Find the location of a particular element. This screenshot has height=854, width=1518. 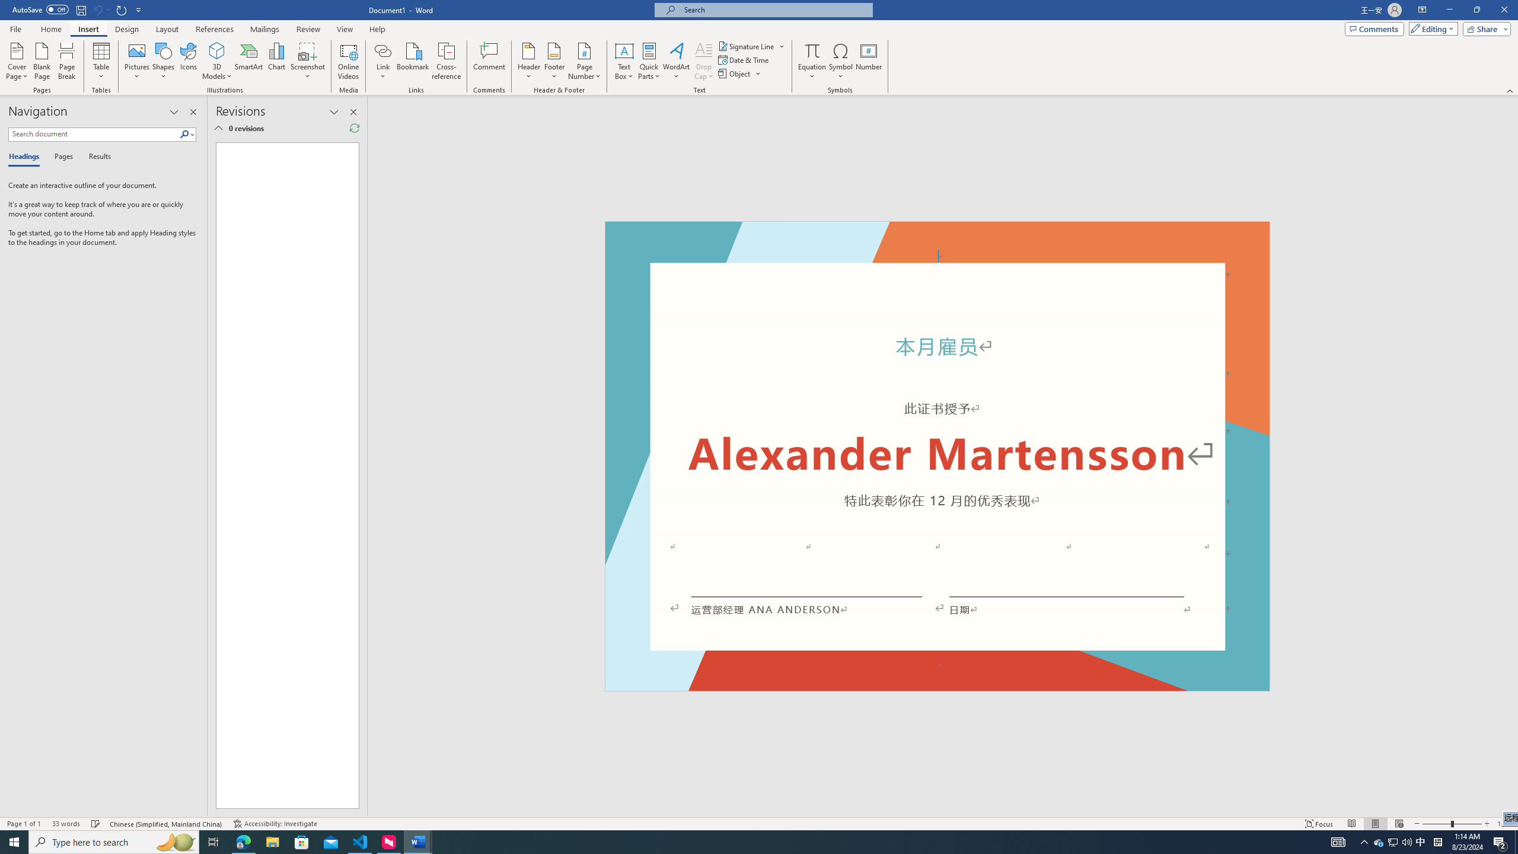

'Date & Time...' is located at coordinates (744, 59).